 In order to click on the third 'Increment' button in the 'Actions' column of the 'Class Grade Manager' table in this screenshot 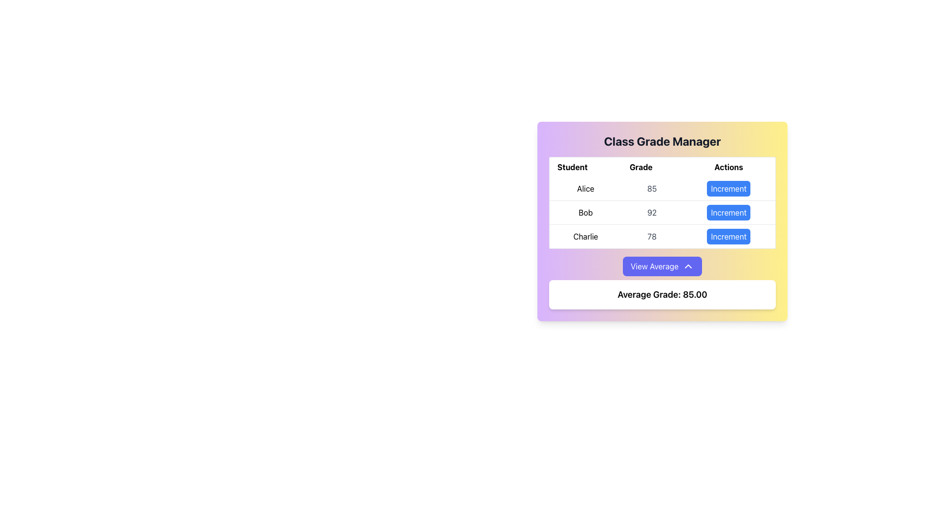, I will do `click(728, 236)`.